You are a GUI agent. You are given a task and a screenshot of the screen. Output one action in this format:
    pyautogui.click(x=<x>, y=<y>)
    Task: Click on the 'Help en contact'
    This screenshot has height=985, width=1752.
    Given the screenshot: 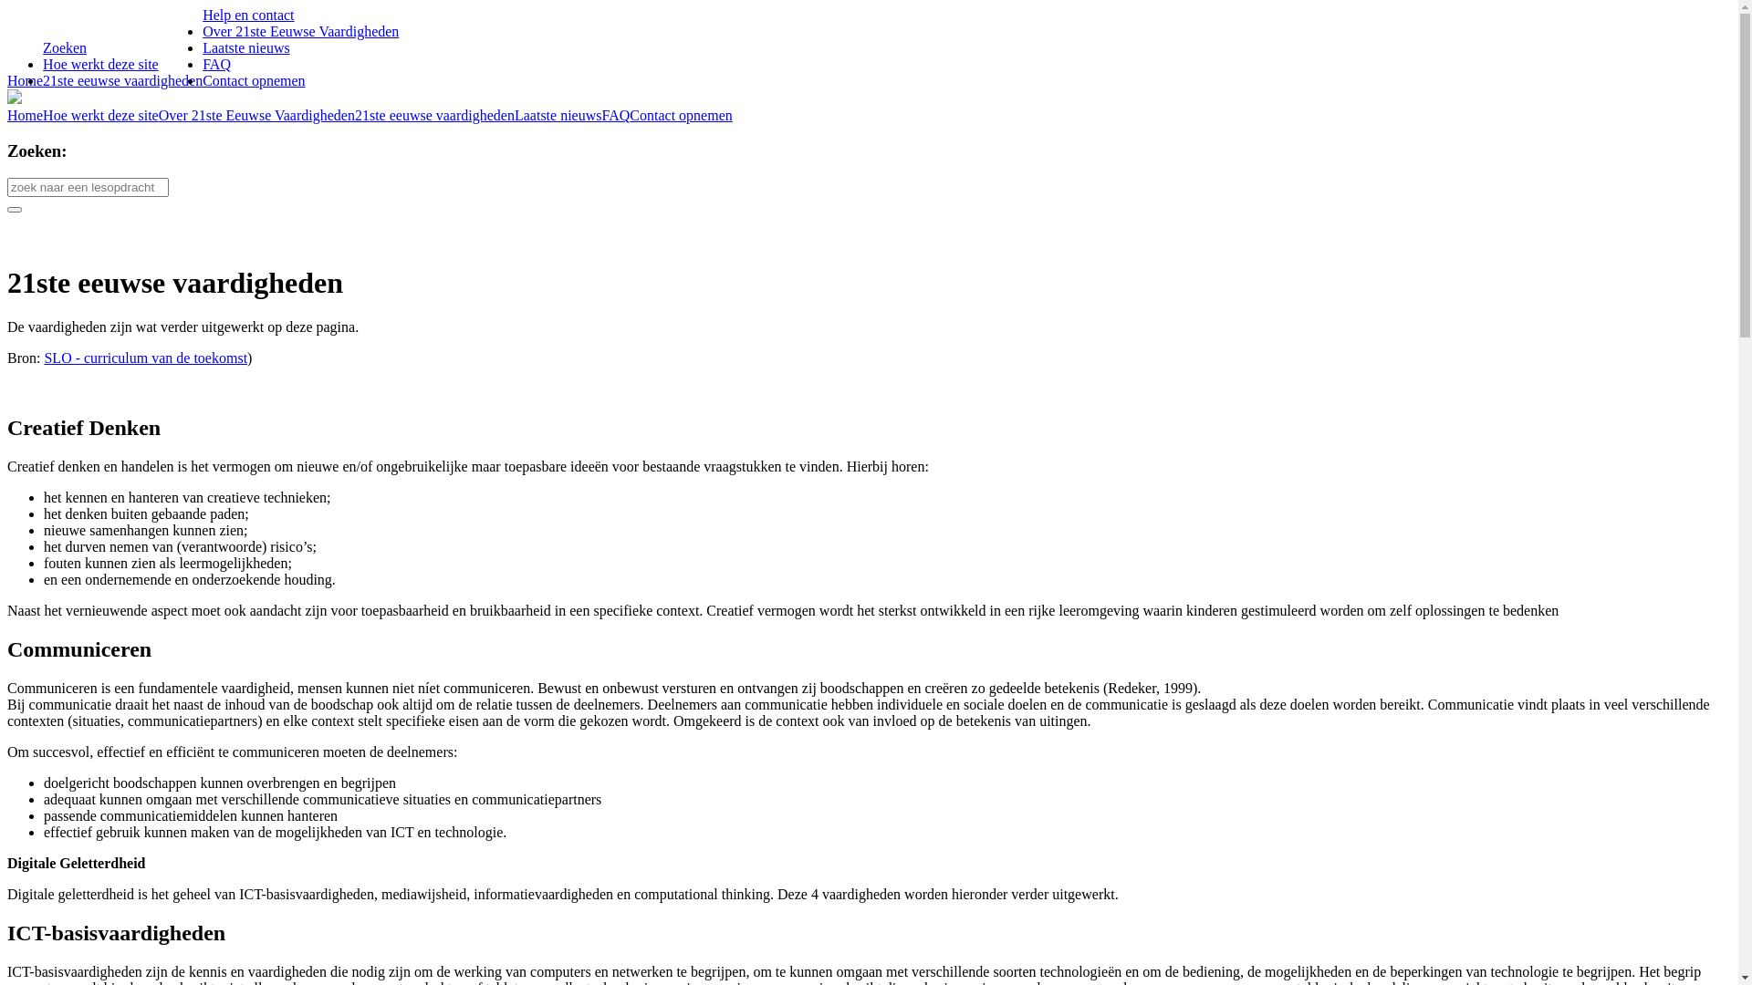 What is the action you would take?
    pyautogui.click(x=247, y=15)
    